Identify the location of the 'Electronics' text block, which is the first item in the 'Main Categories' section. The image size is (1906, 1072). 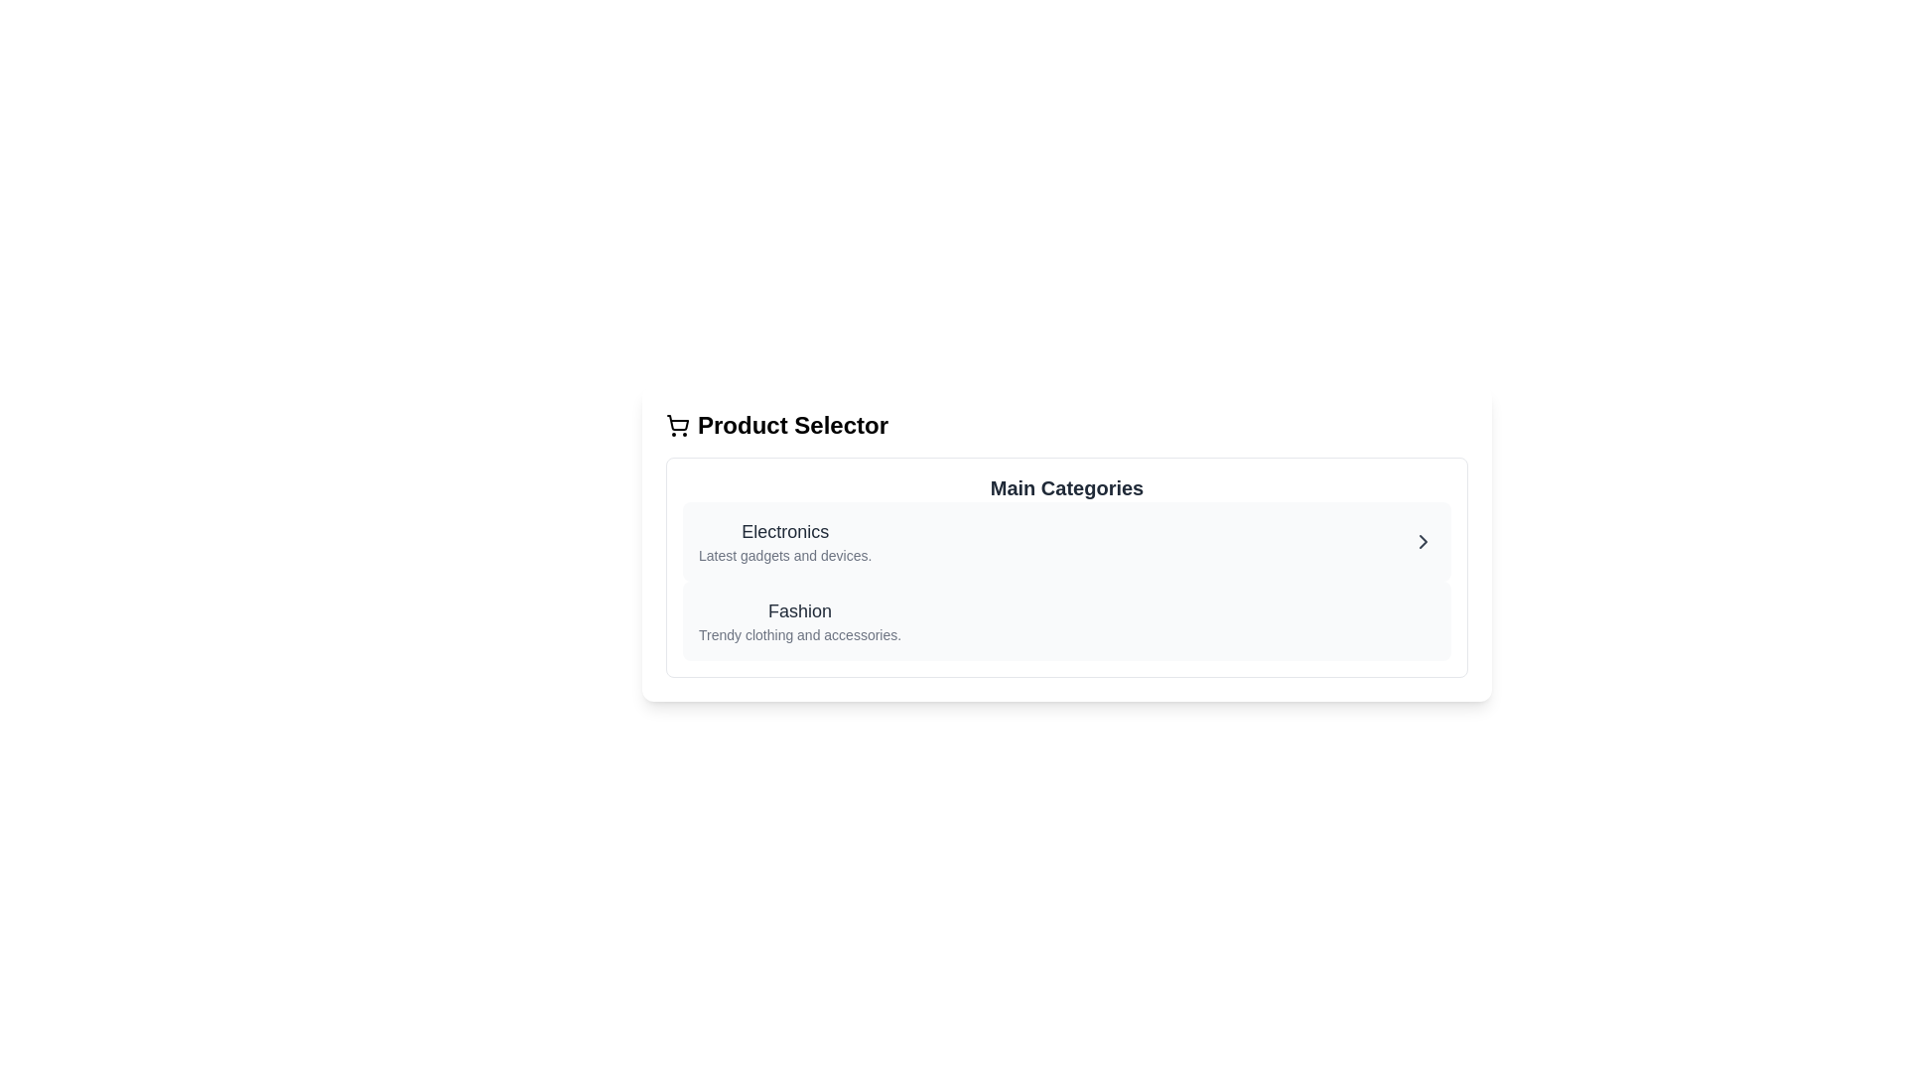
(784, 542).